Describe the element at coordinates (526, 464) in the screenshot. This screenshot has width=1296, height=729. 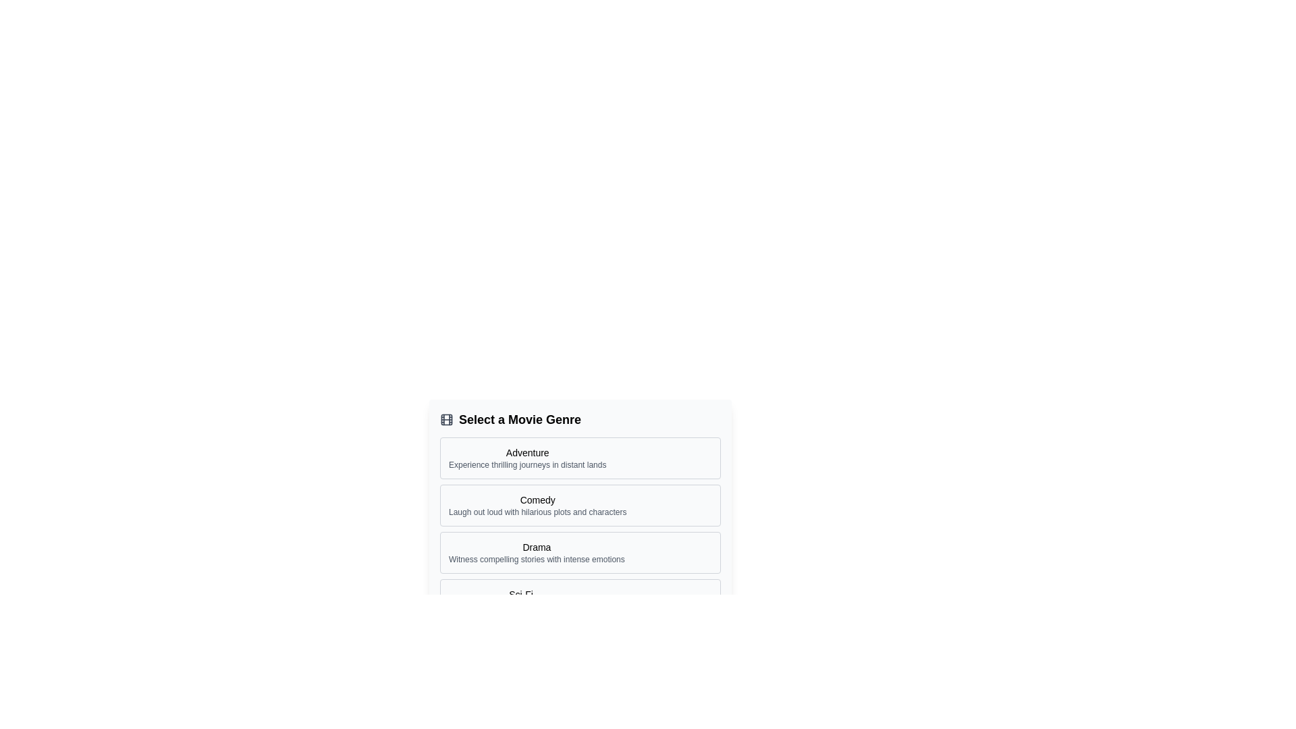
I see `the text label that says 'Experience thrilling journeys in distant lands,' located below the 'Adventure' headline in the movie genres list` at that location.